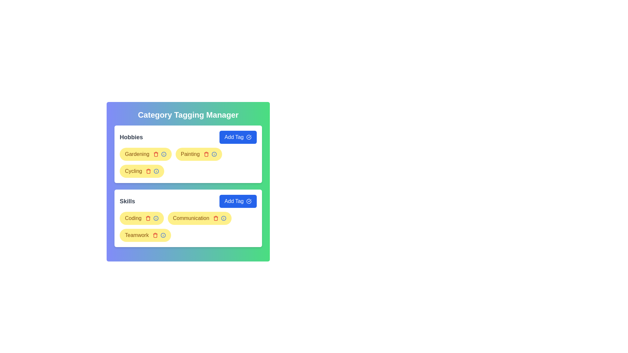 The width and height of the screenshot is (628, 353). What do you see at coordinates (188, 162) in the screenshot?
I see `the blue information icon on the second tag labeled 'Painting' in the Tag group component within the 'Hobbies' section of the 'Category Tagging Manager' interface` at bounding box center [188, 162].